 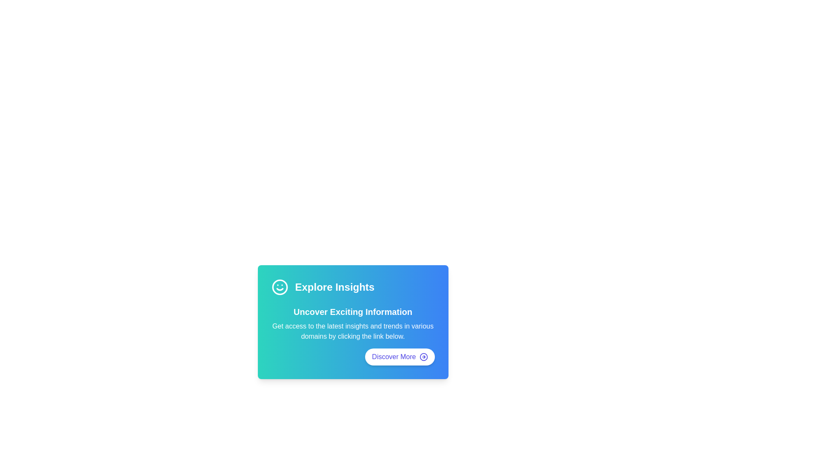 I want to click on the text element displaying 'Explore Insights' which is styled in bold white font and located on the right side of the smile icon, so click(x=334, y=287).